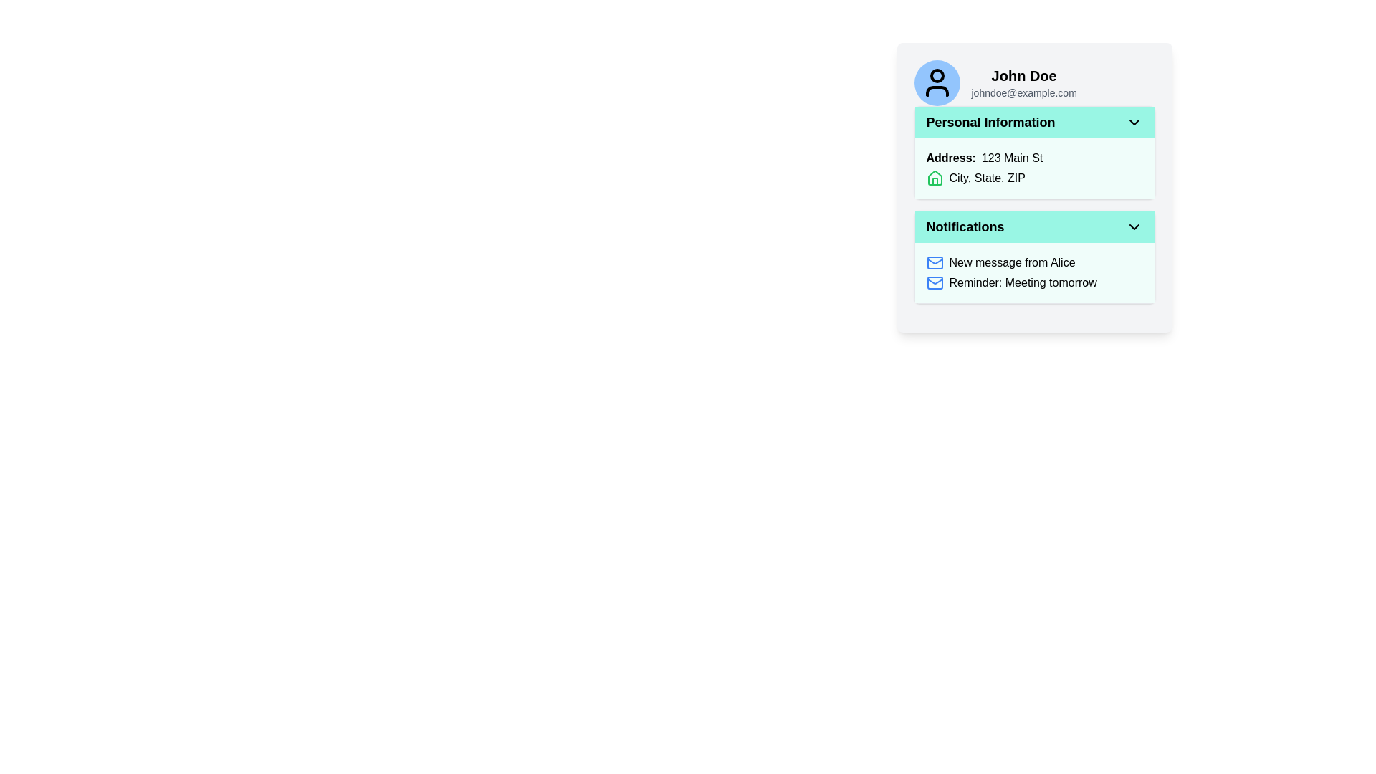  Describe the element at coordinates (937, 75) in the screenshot. I see `decorative icon component within the avatar icon located at the top-left corner of the card using developer tools` at that location.